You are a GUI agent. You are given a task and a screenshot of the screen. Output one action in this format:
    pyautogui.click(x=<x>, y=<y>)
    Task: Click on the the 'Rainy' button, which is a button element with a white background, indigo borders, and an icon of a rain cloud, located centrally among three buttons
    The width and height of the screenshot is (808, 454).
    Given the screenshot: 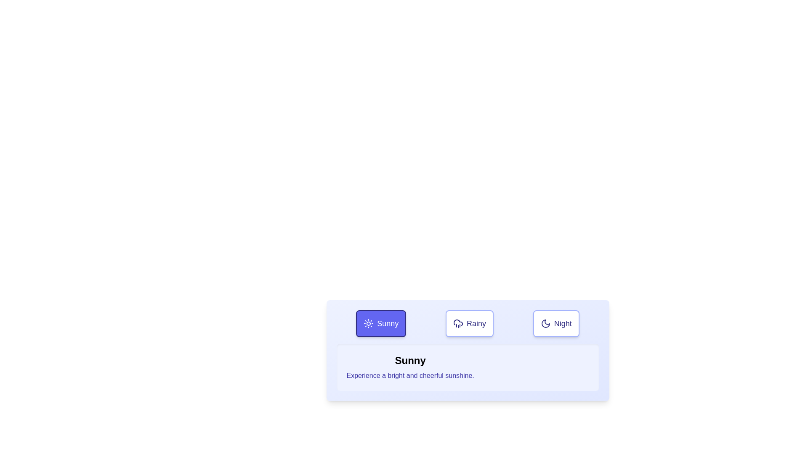 What is the action you would take?
    pyautogui.click(x=469, y=323)
    